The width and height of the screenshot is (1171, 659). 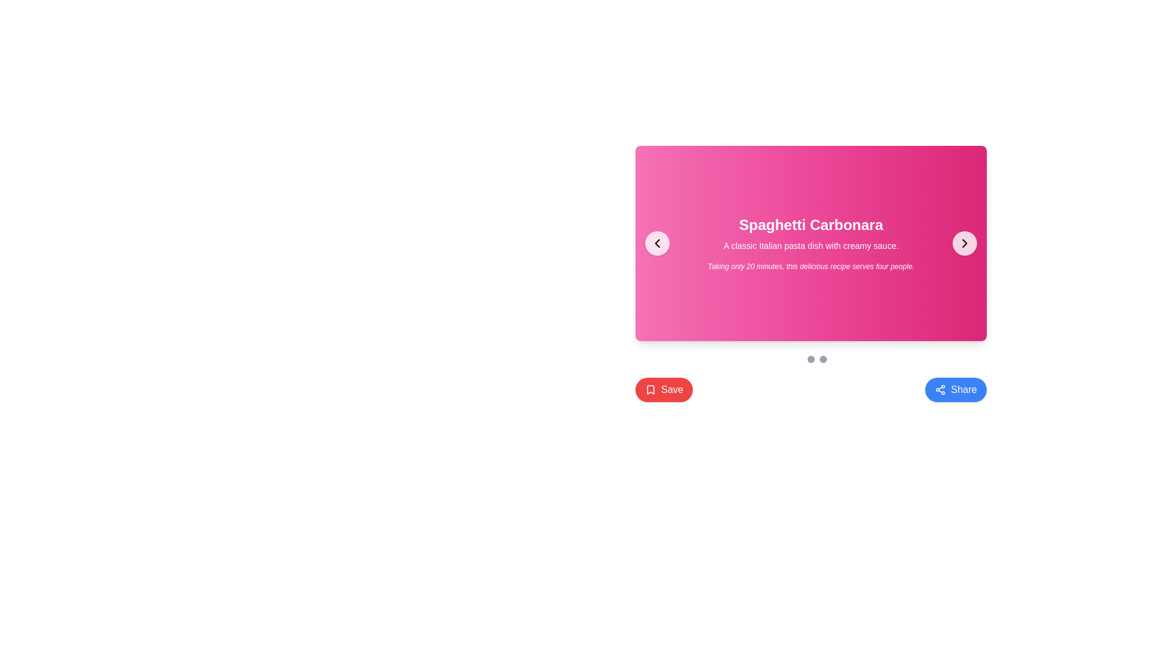 What do you see at coordinates (664, 390) in the screenshot?
I see `the red 'Save' button with a white bookmark icon by` at bounding box center [664, 390].